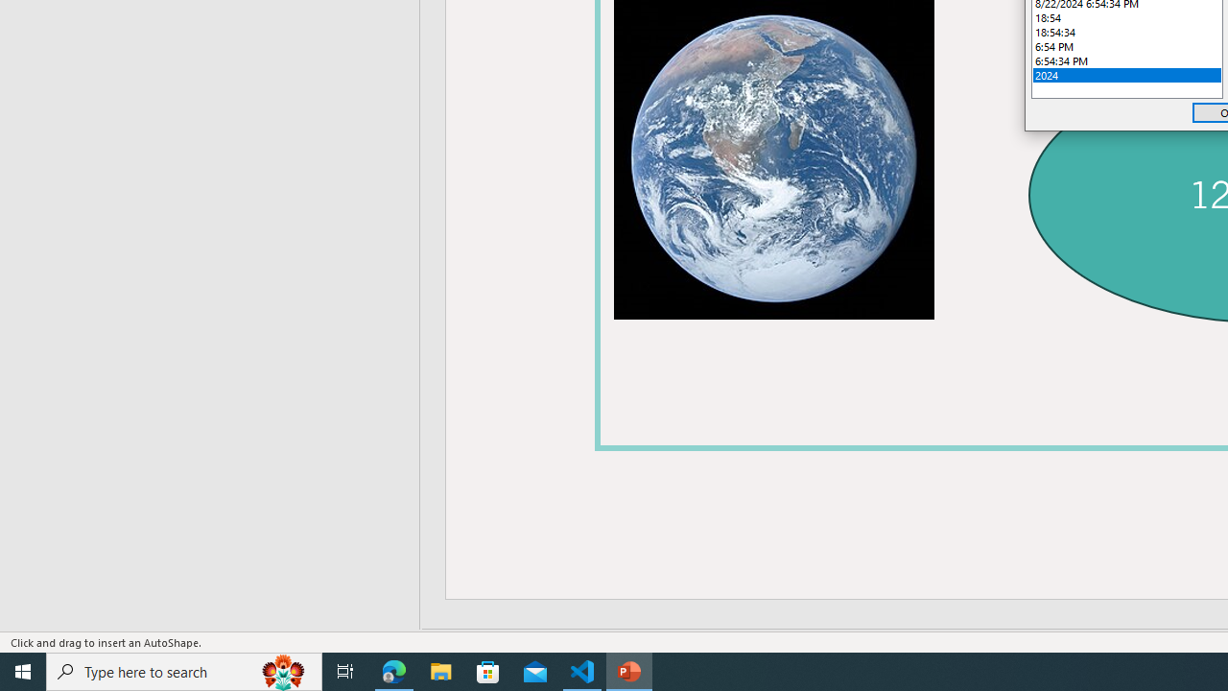  I want to click on 'File Explorer', so click(440, 670).